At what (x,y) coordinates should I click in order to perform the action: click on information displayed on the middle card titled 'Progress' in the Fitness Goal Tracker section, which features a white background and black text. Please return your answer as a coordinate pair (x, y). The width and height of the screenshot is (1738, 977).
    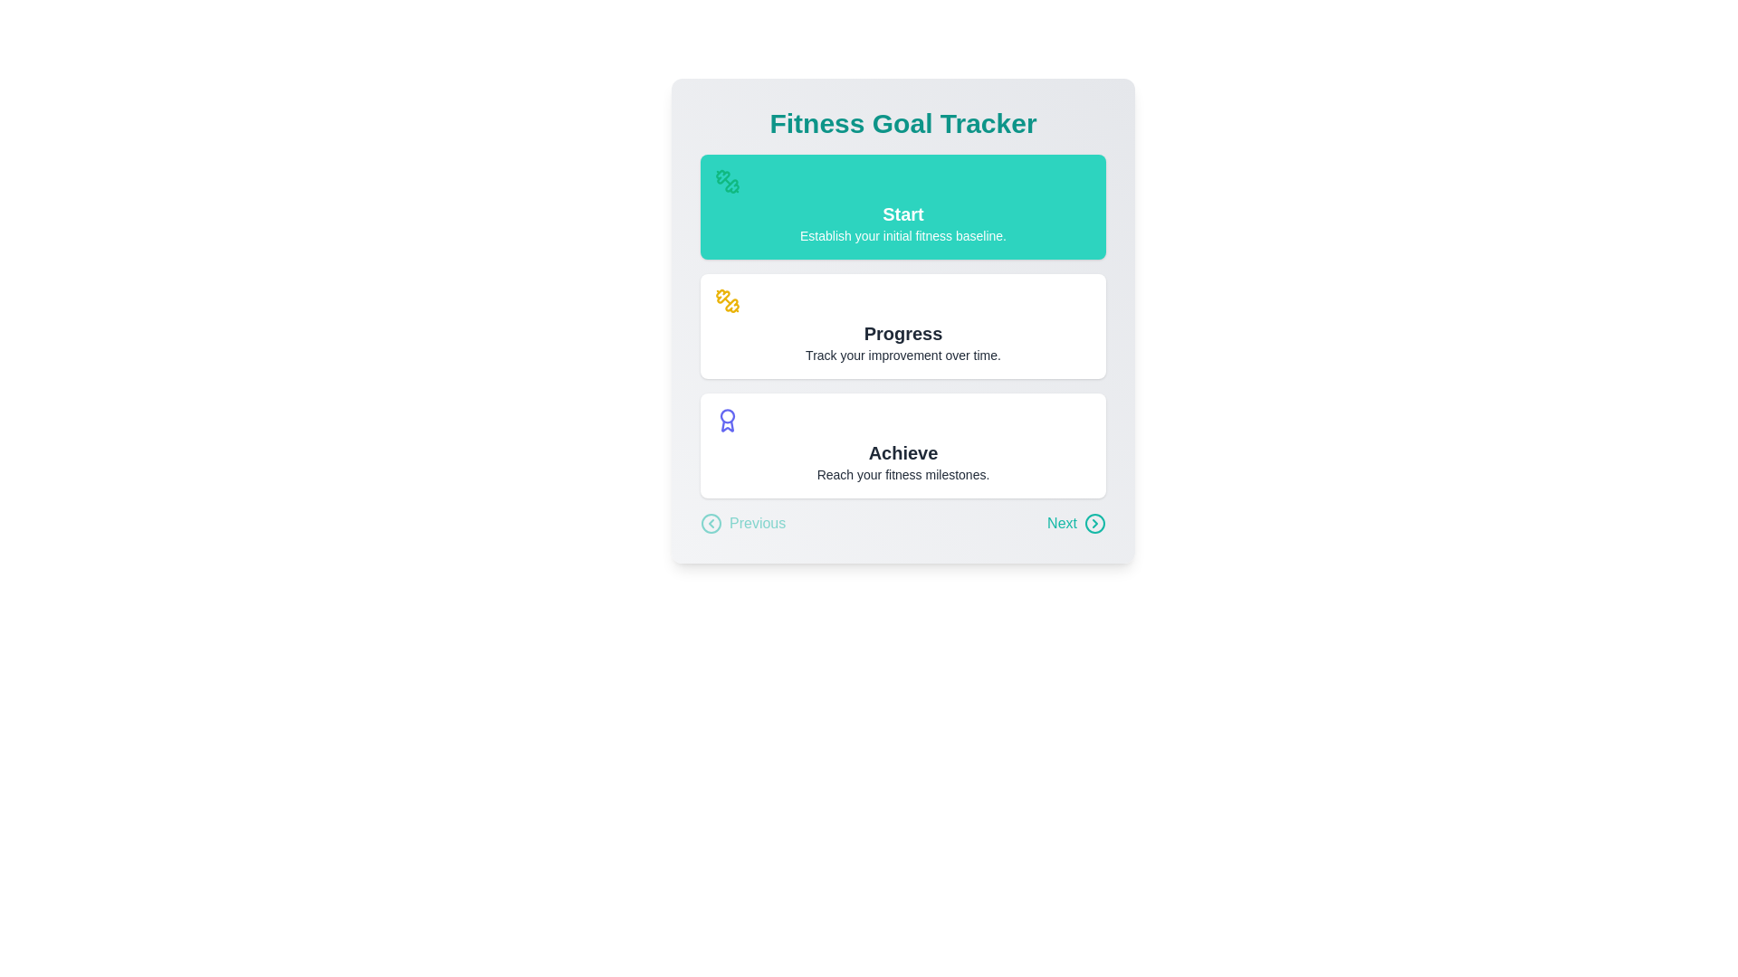
    Looking at the image, I should click on (903, 327).